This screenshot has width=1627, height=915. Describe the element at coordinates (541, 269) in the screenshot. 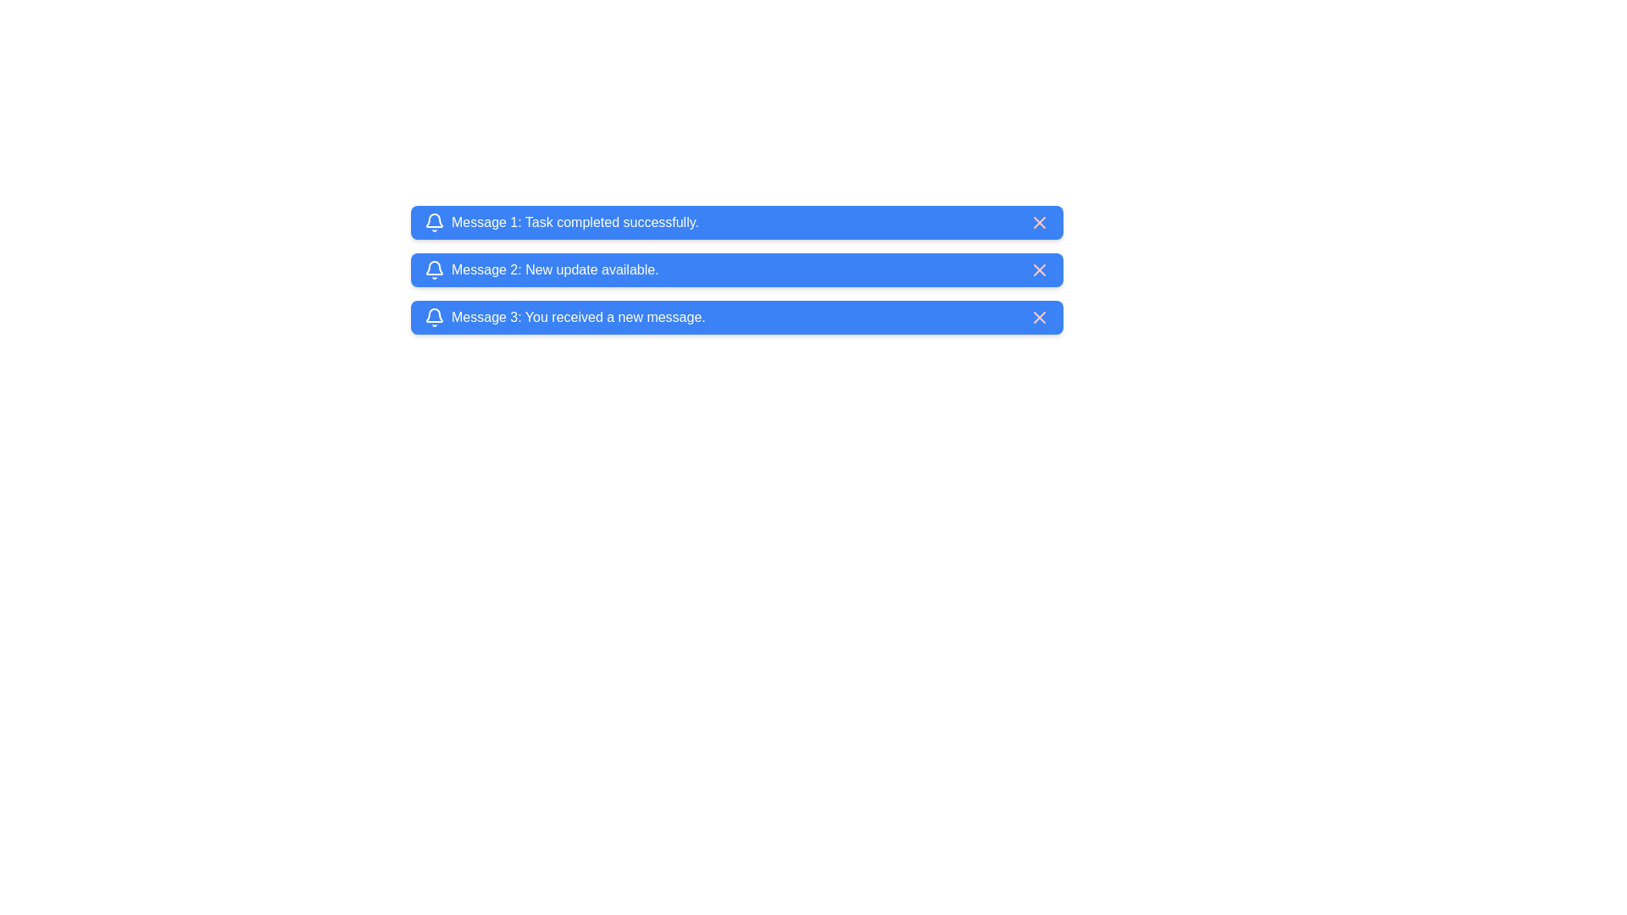

I see `the text label notification area labeled 'Message 2: New update available.' which includes a bell icon on the left` at that location.